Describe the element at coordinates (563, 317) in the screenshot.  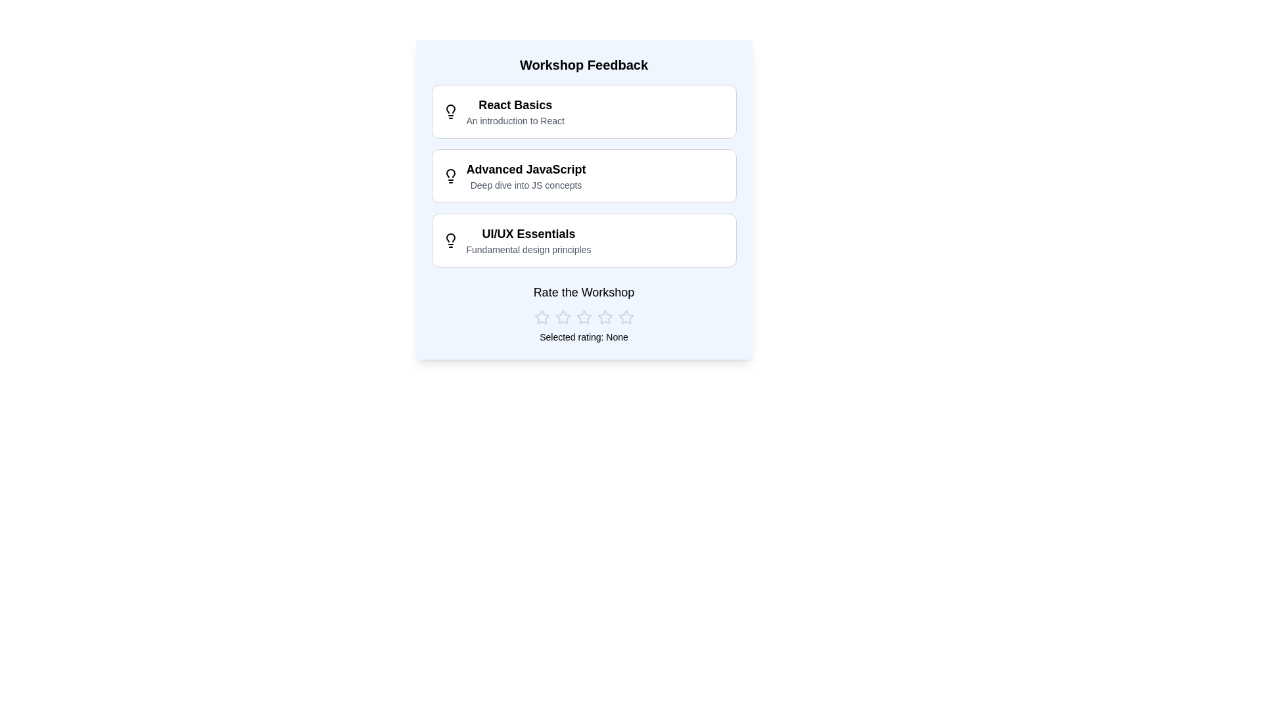
I see `the second star icon in the rating component under the 'Rate the Workshop' section` at that location.